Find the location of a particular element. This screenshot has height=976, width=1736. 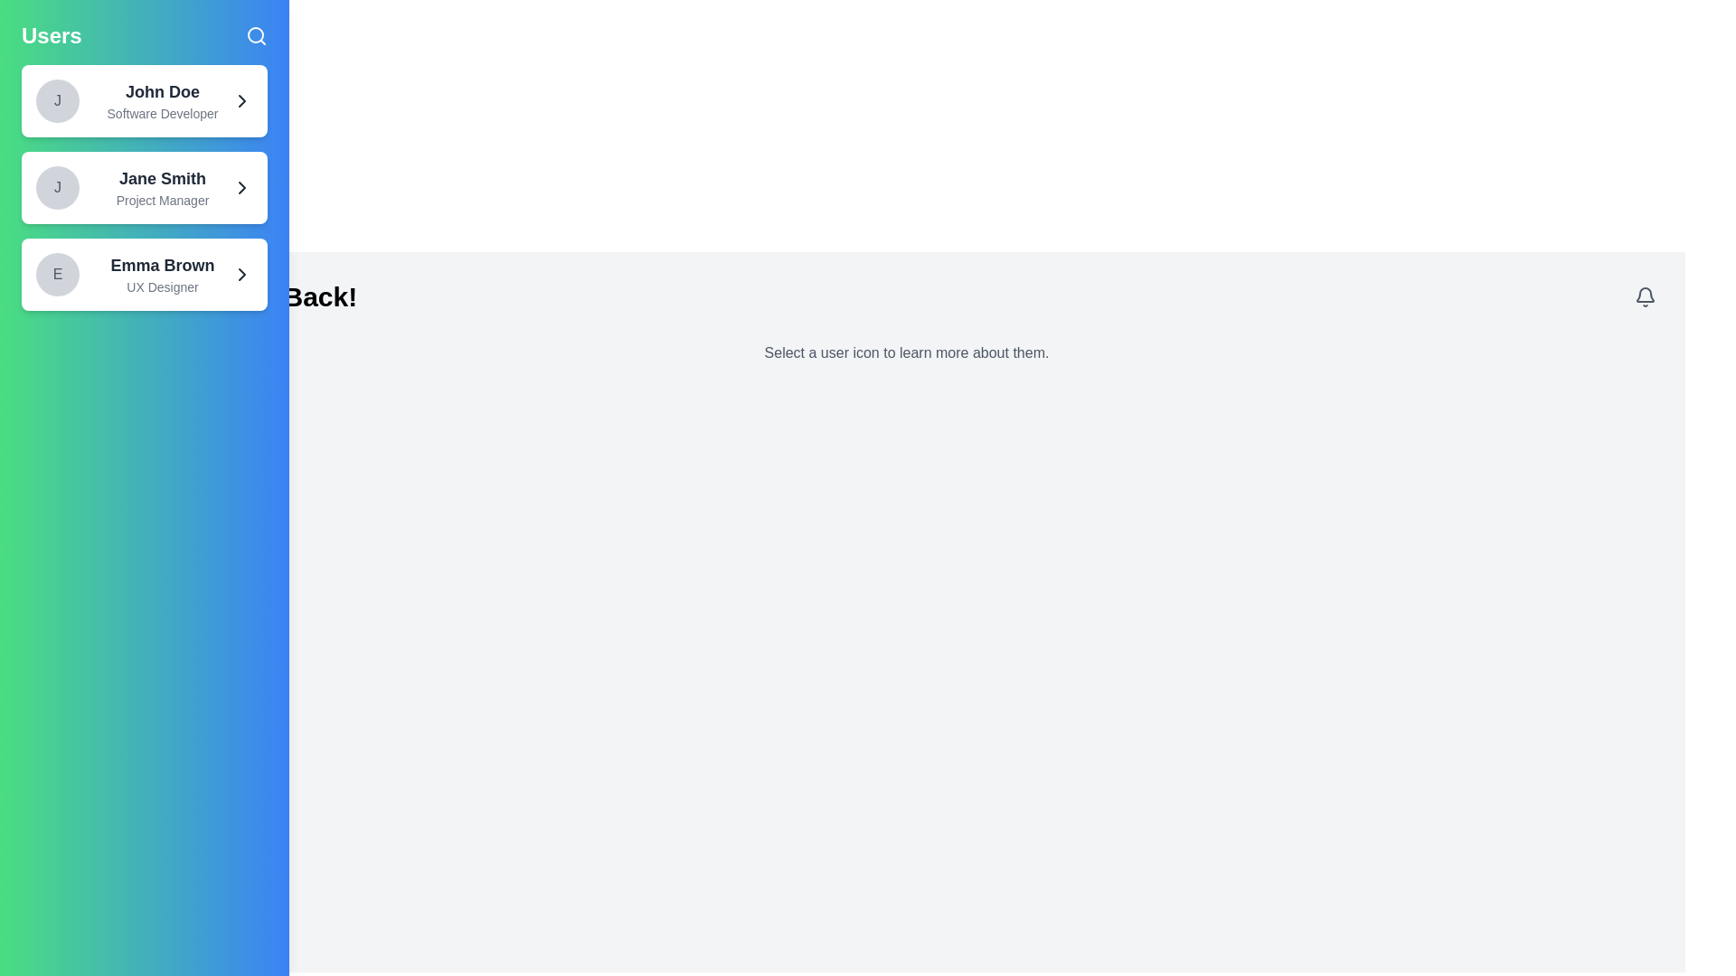

the user profile Jane Smith from the list is located at coordinates (143, 188).